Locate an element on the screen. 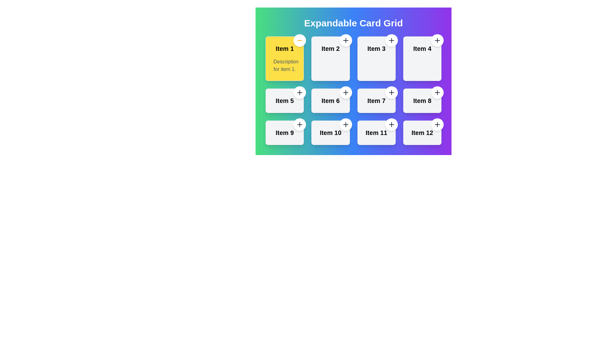 The width and height of the screenshot is (602, 339). the plus '+' icon button with a rounded white background located at the top-right corner of the card labeled 'Item 5' is located at coordinates (299, 92).